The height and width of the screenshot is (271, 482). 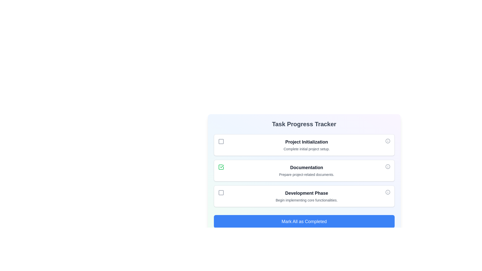 What do you see at coordinates (387, 192) in the screenshot?
I see `the Information icon located at the far right of the 'Development Phase' task card` at bounding box center [387, 192].